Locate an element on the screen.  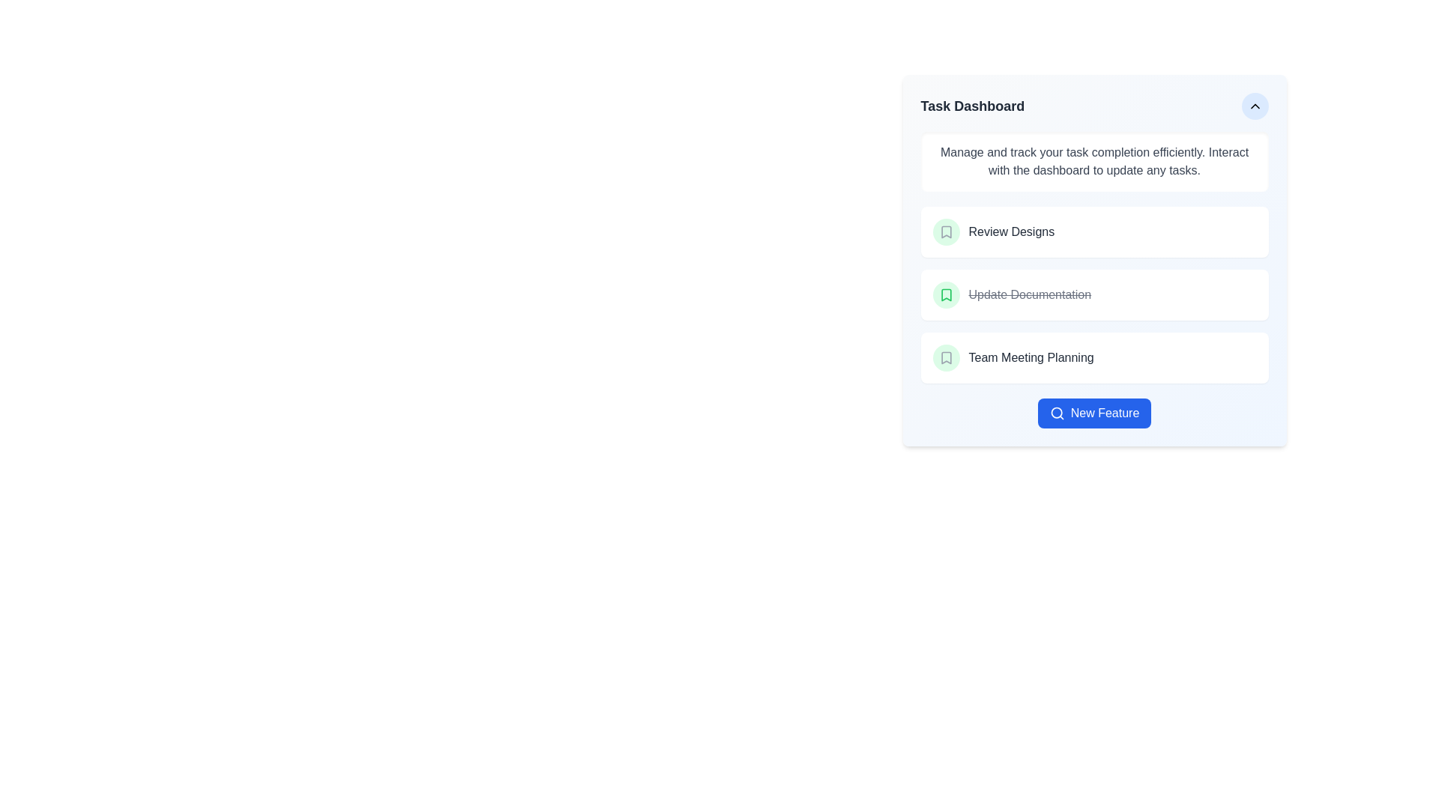
the inactive bookmark icon within the 'Review Designs' button, which is styled with a gray outline and is located on the left side of the task name text is located at coordinates (945, 231).